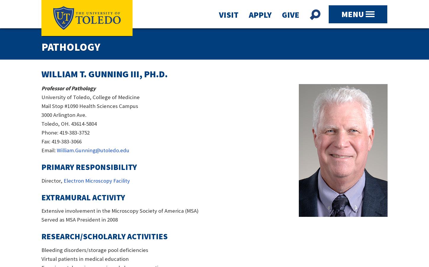 This screenshot has height=267, width=429. Describe the element at coordinates (96, 180) in the screenshot. I see `'Electron Microscopy Facility'` at that location.